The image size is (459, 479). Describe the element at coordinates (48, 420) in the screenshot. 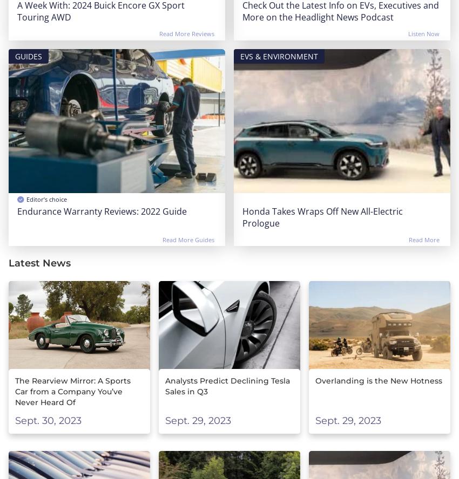

I see `'Sept. 30, 2023'` at that location.